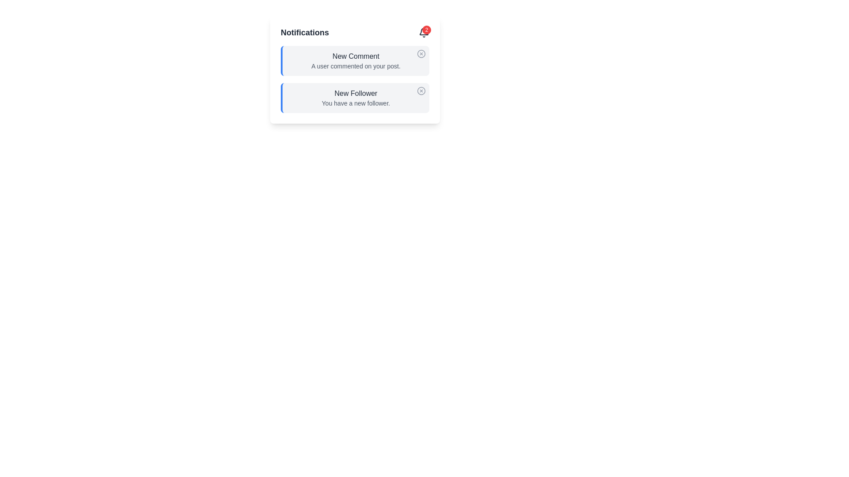 This screenshot has width=849, height=477. Describe the element at coordinates (356, 103) in the screenshot. I see `the static text element that provides information about a new follower notification, located beneath the title 'New Follower' in the notifications panel` at that location.